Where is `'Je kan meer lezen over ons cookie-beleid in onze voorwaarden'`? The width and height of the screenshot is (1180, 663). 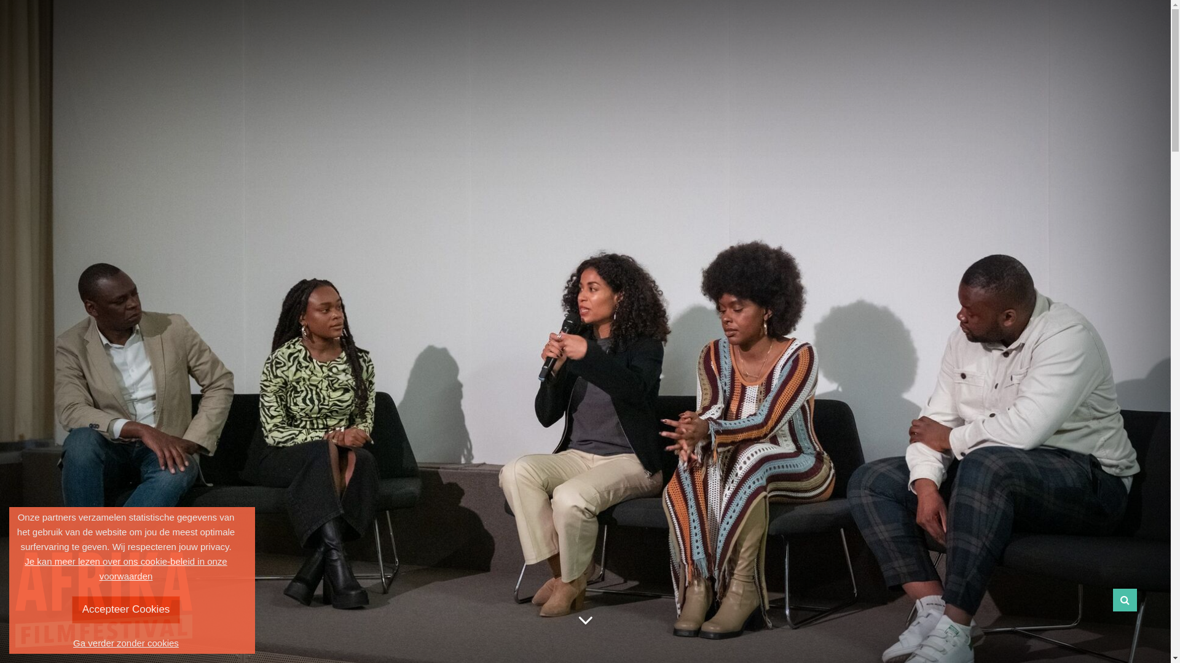
'Je kan meer lezen over ons cookie-beleid in onze voorwaarden' is located at coordinates (125, 568).